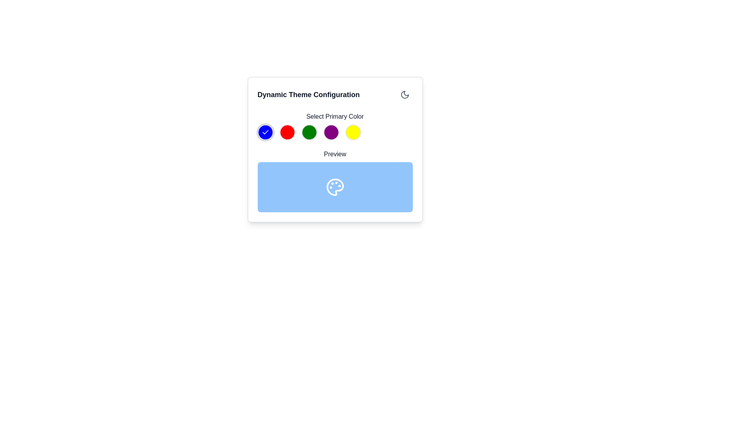  I want to click on the text label displaying 'Preview', which is positioned directly below the 'Select Primary Color' label and above a blue rectangular box containing an icon, so click(335, 154).